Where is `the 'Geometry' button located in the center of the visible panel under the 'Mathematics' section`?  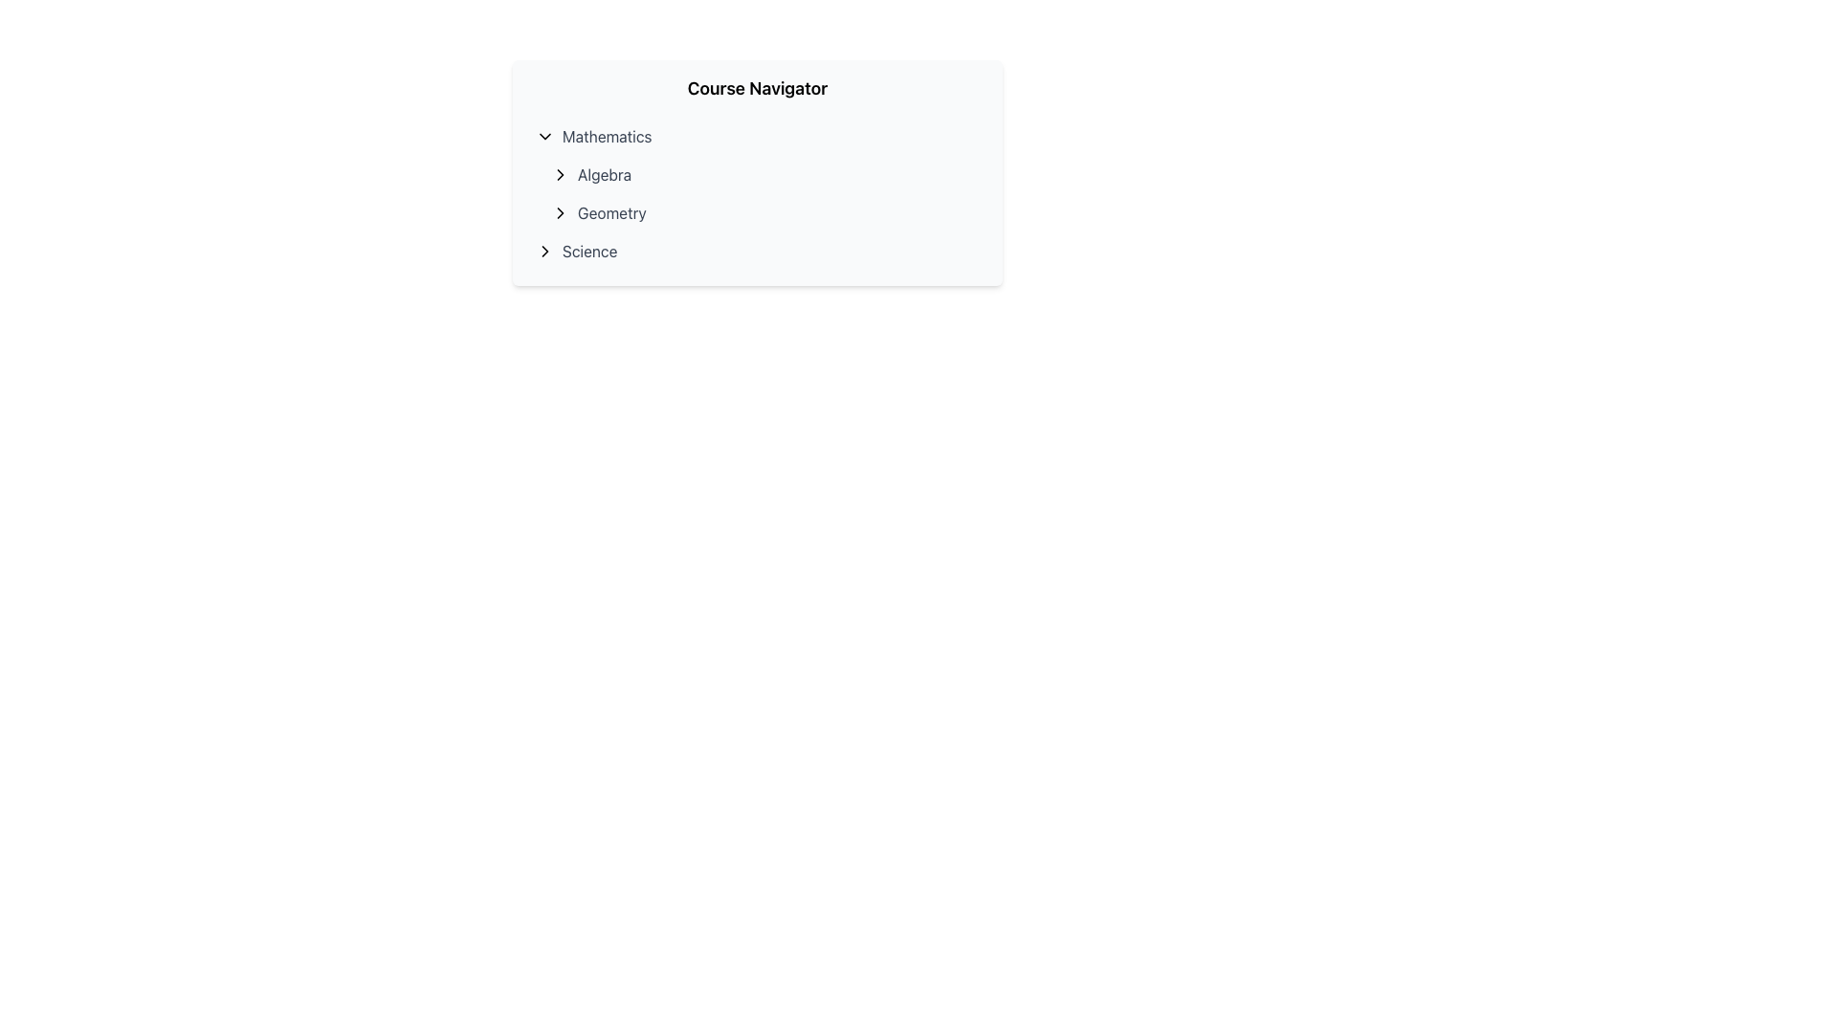
the 'Geometry' button located in the center of the visible panel under the 'Mathematics' section is located at coordinates (765, 213).